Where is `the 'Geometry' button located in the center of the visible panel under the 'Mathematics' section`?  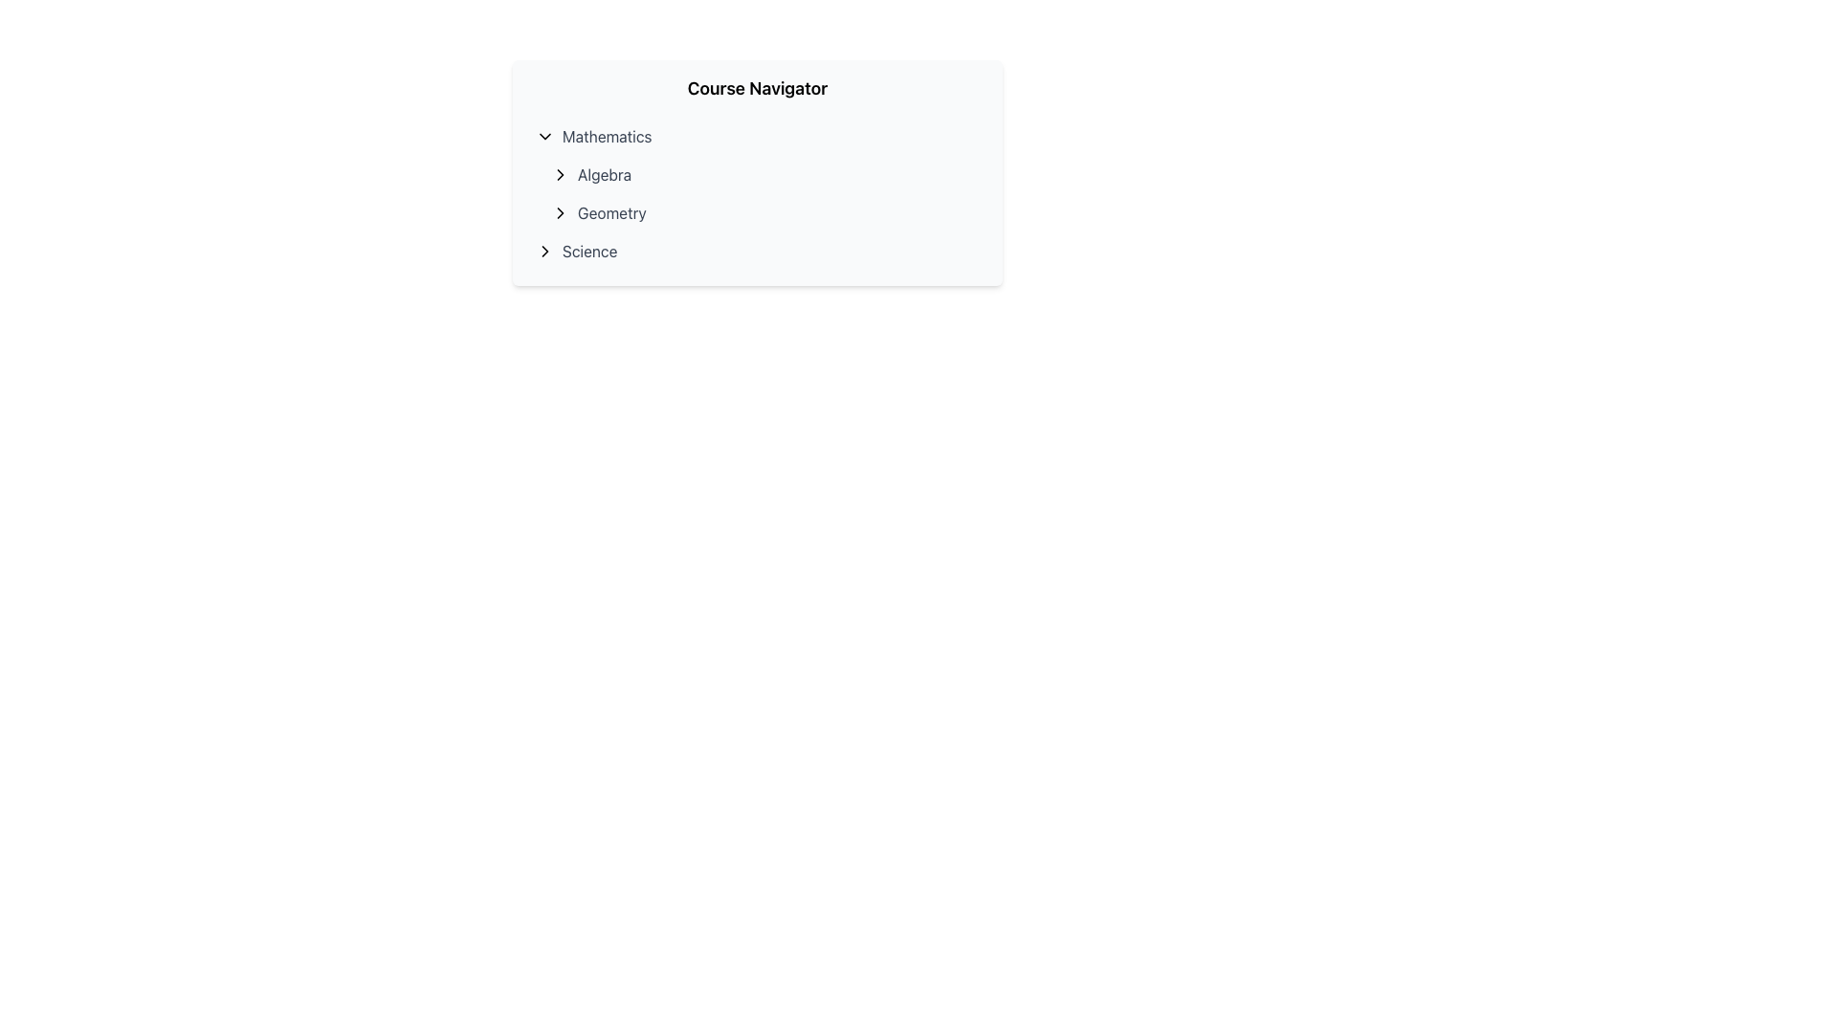
the 'Geometry' button located in the center of the visible panel under the 'Mathematics' section is located at coordinates (765, 213).